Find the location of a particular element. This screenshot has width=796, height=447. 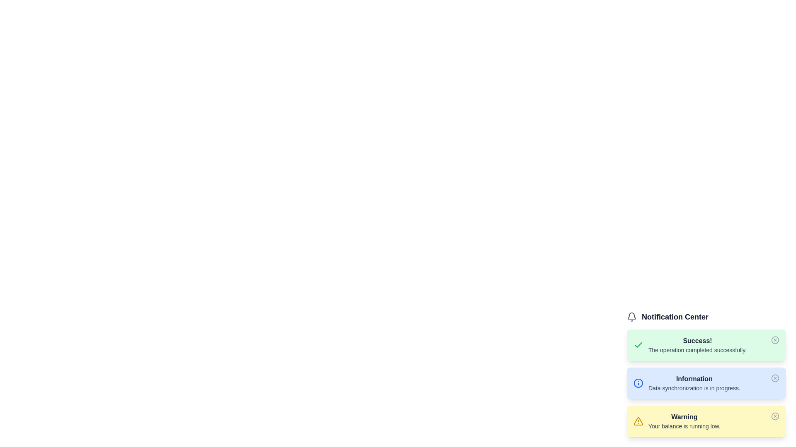

the Circle element in the lower right corner of the notification panel, which is part of the SVG graphic used for dismissing a warning notification is located at coordinates (775, 416).